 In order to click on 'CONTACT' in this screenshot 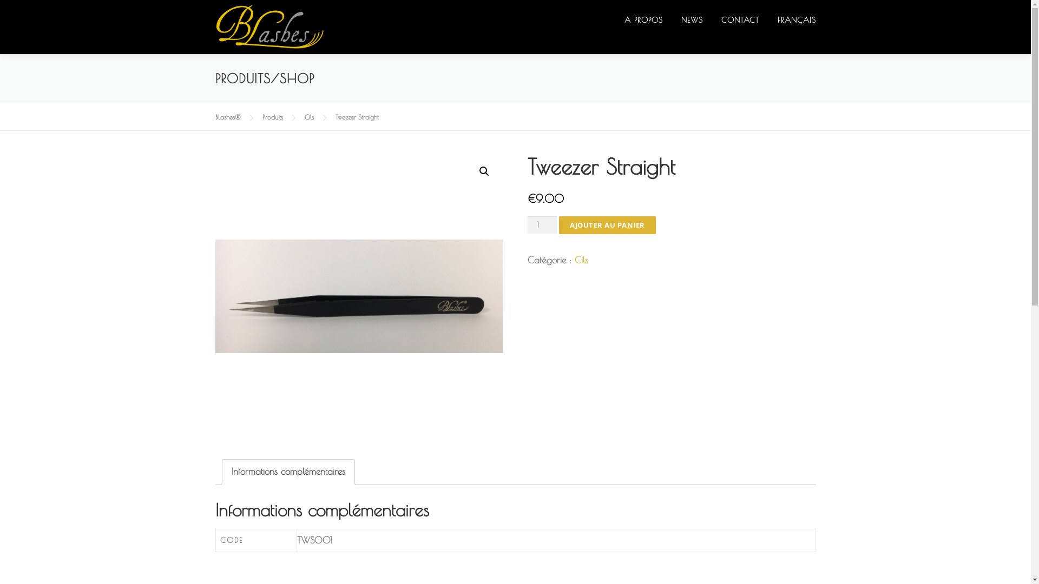, I will do `click(712, 20)`.